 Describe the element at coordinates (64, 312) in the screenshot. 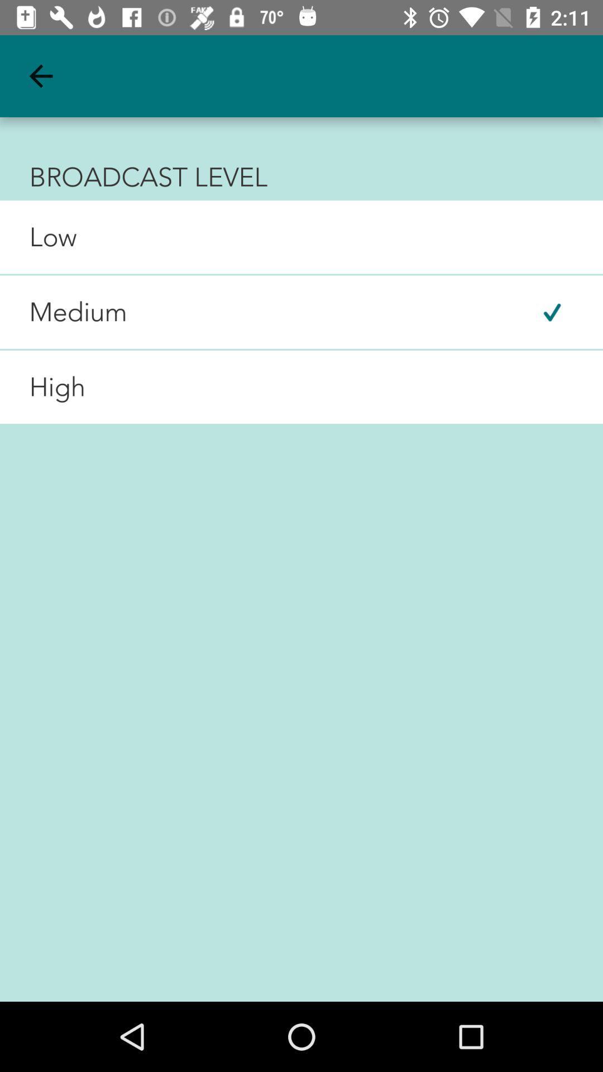

I see `medium` at that location.